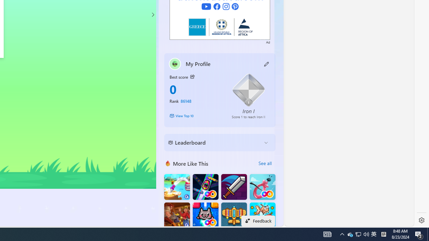  Describe the element at coordinates (195, 115) in the screenshot. I see `'View Top 10'` at that location.